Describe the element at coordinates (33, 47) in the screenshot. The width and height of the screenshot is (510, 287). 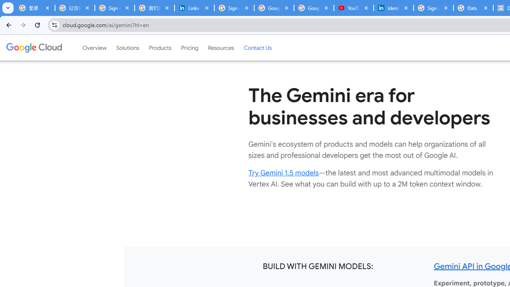
I see `'Google Cloud'` at that location.